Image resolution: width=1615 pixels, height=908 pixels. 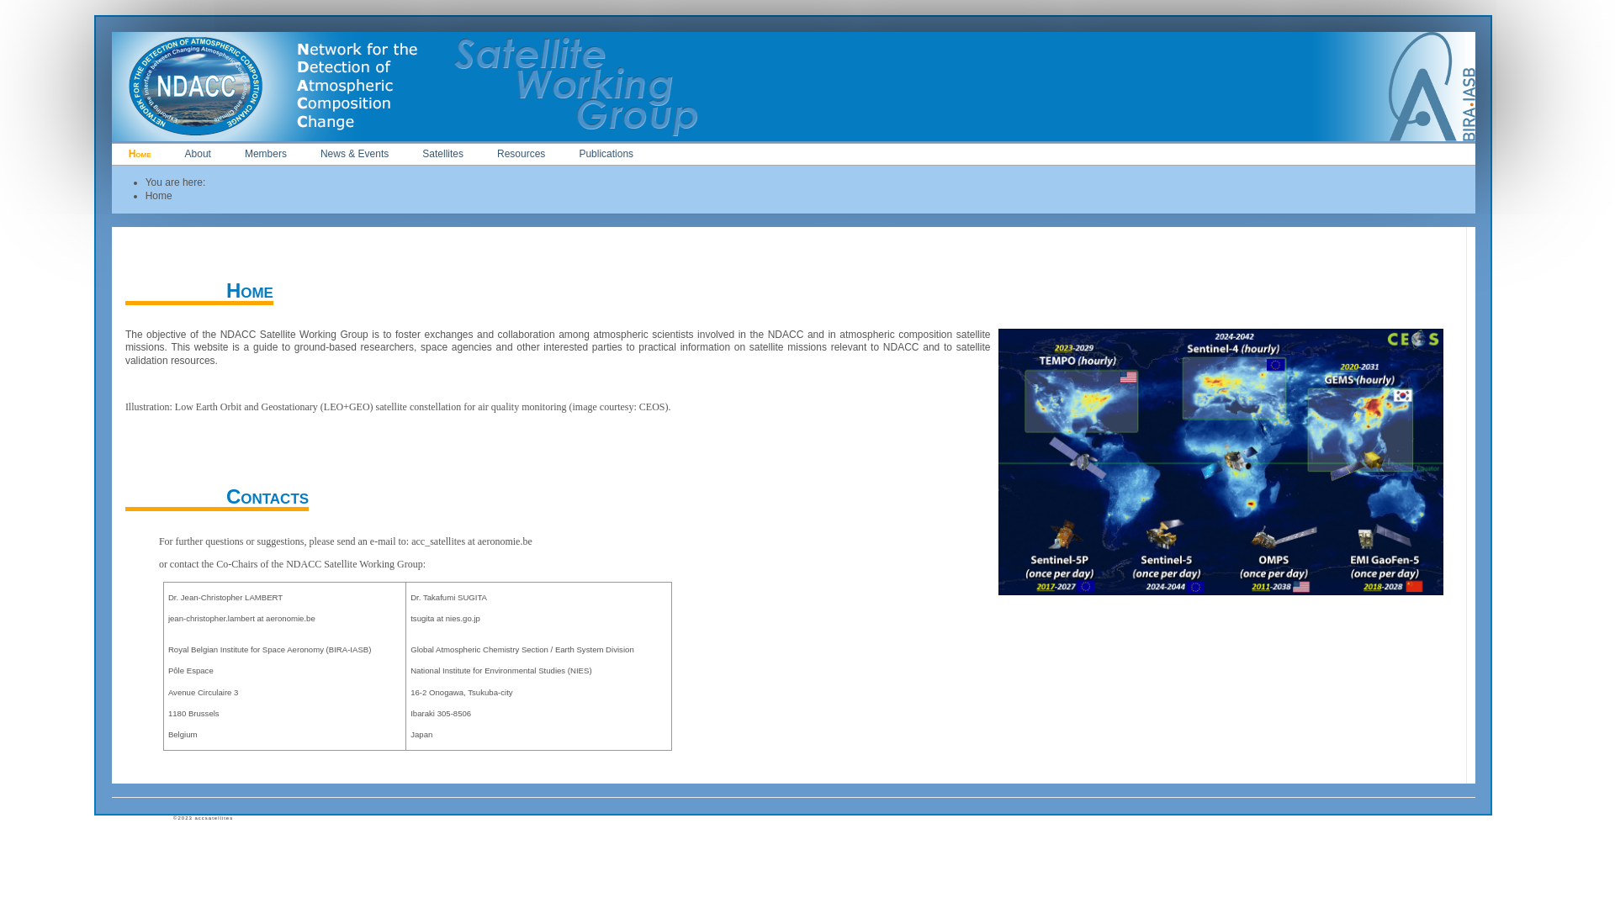 What do you see at coordinates (168, 153) in the screenshot?
I see `'About'` at bounding box center [168, 153].